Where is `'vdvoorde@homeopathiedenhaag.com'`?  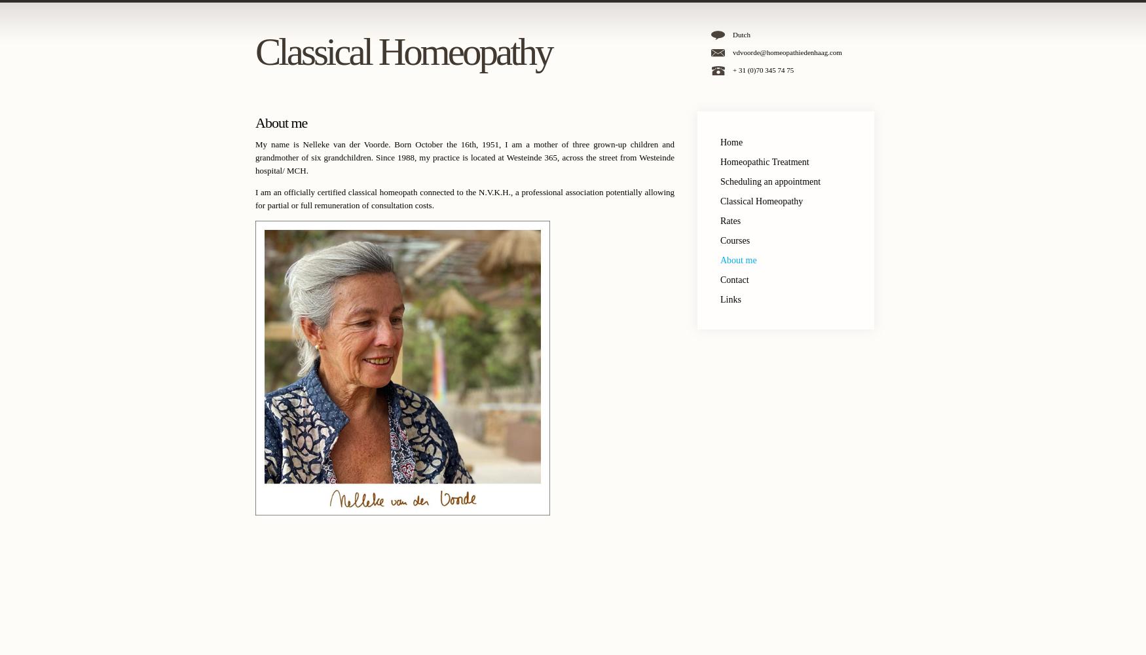
'vdvoorde@homeopathiedenhaag.com' is located at coordinates (787, 52).